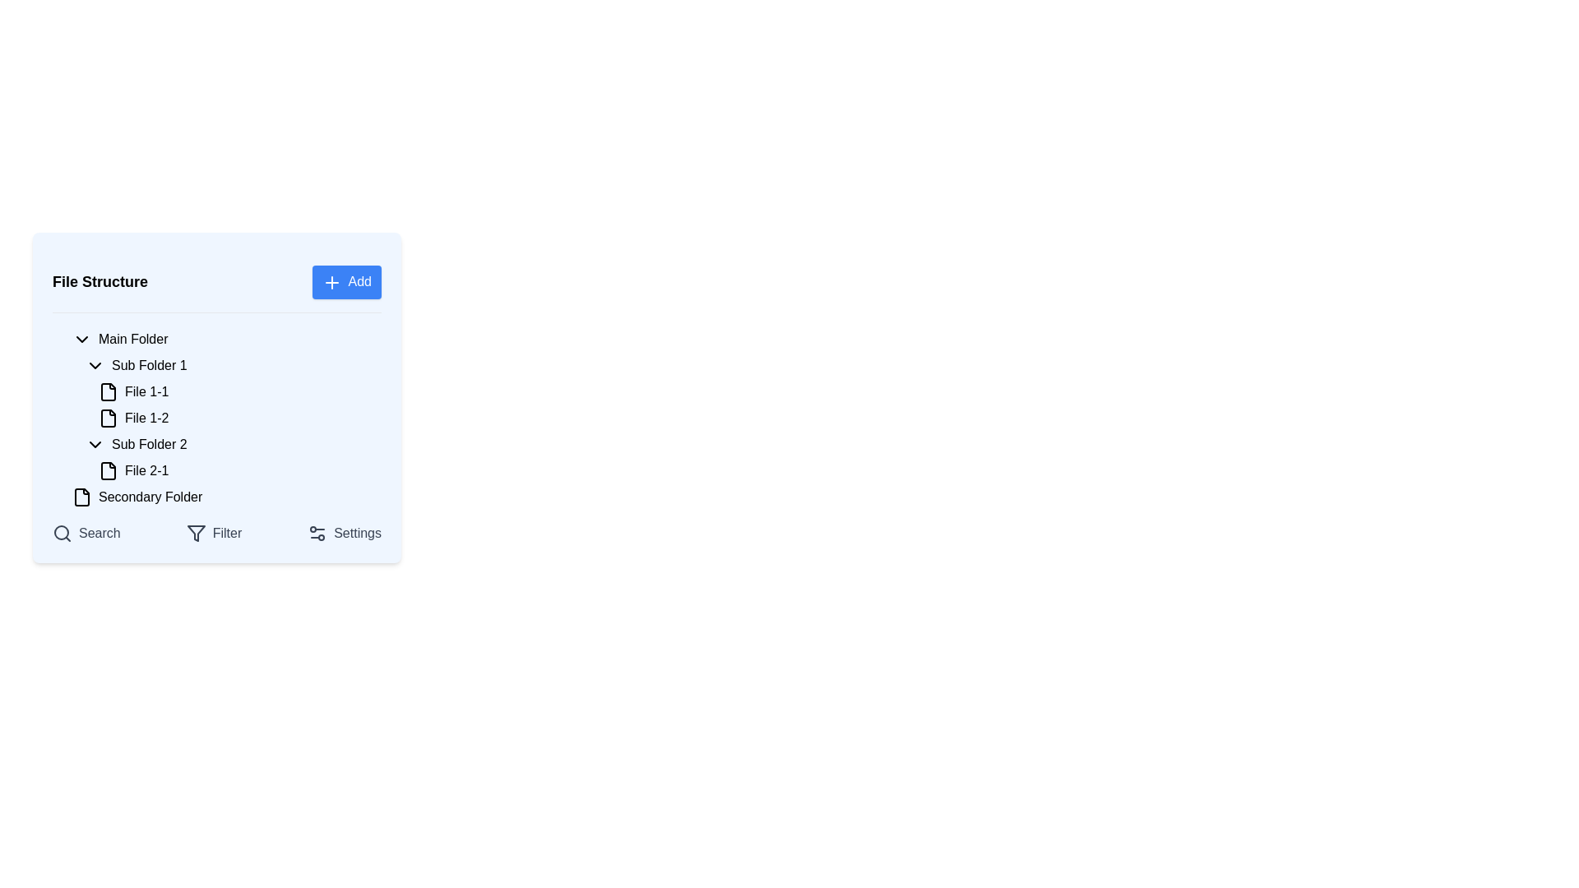 The image size is (1579, 888). I want to click on the document icon representing 'File 2-1' in the 'File Structure' tree under 'Sub Folder 2', so click(108, 469).